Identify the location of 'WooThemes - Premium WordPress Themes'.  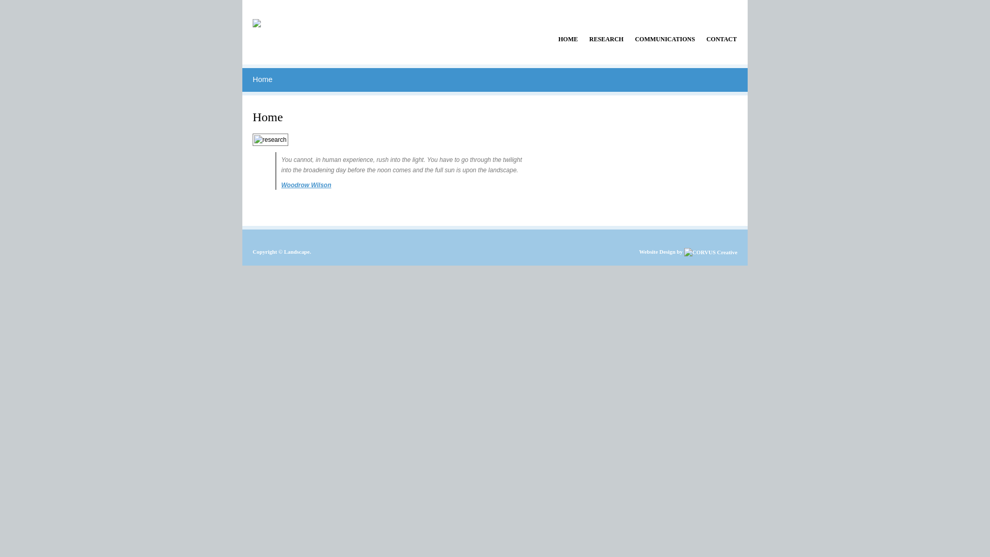
(710, 252).